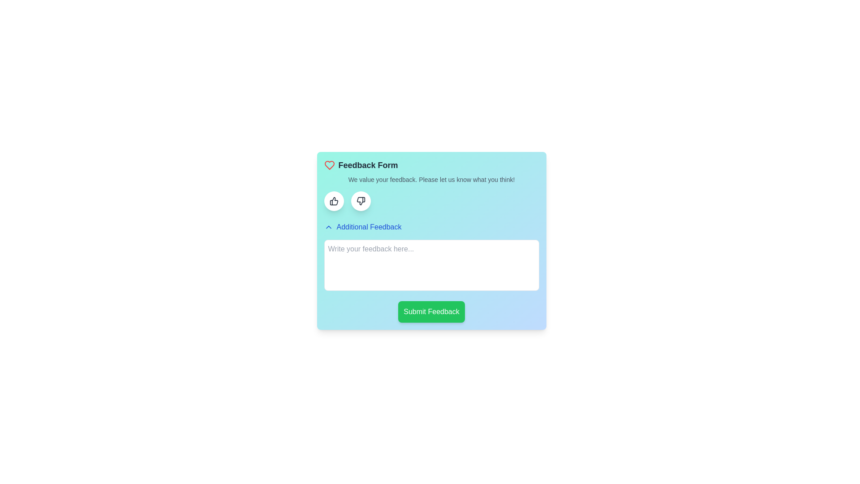 The width and height of the screenshot is (860, 484). What do you see at coordinates (431, 311) in the screenshot?
I see `keyboard navigation` at bounding box center [431, 311].